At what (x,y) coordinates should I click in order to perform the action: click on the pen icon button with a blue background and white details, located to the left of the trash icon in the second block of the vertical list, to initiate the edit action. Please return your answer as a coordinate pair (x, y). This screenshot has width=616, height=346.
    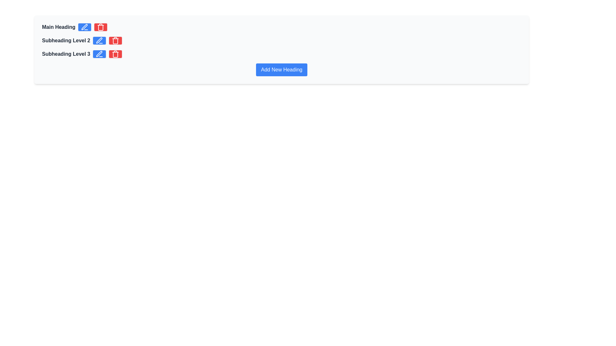
    Looking at the image, I should click on (99, 41).